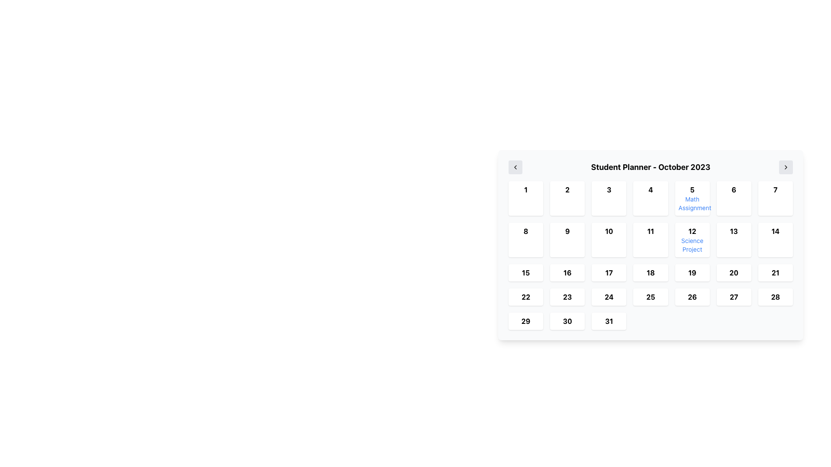 The image size is (831, 467). I want to click on the static text label indicating the 29th day of the month in the calendar view, so click(525, 321).